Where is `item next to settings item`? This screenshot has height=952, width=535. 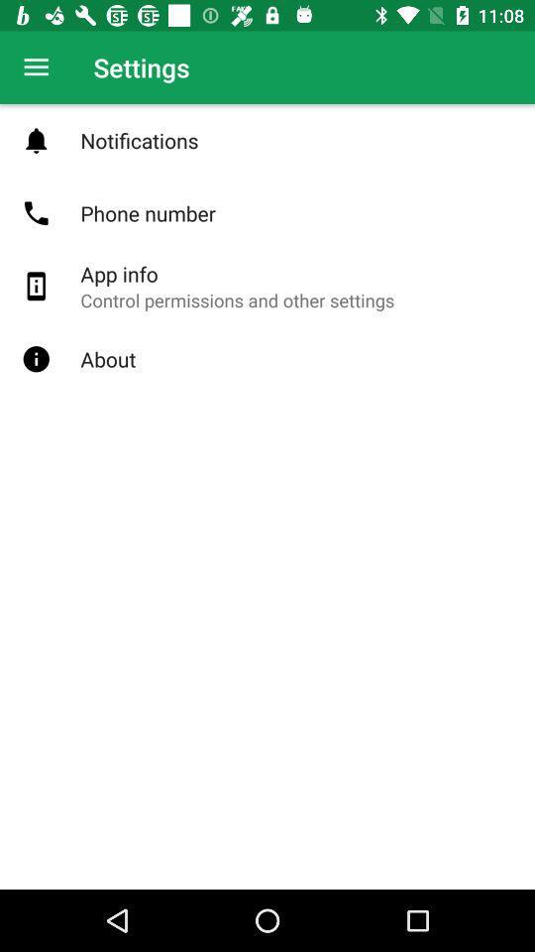 item next to settings item is located at coordinates (36, 67).